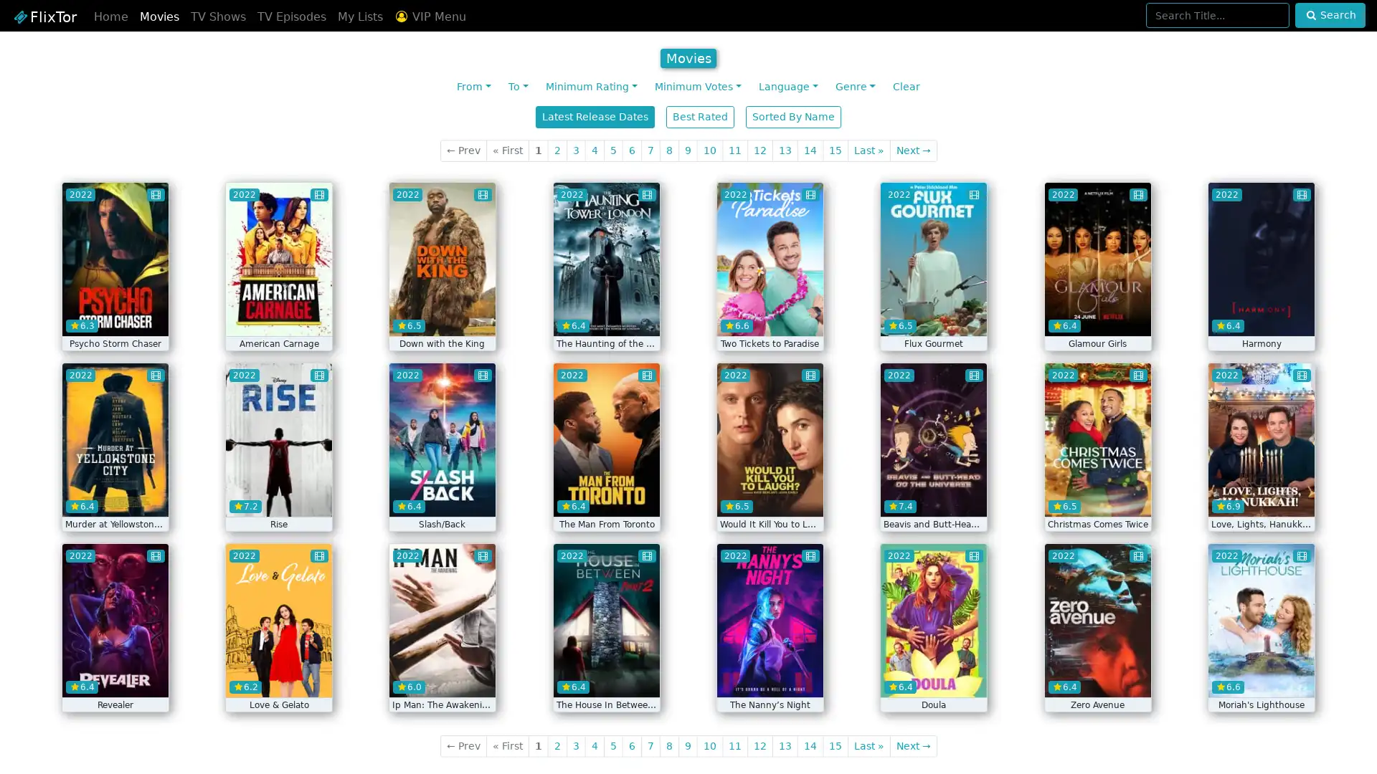 Image resolution: width=1377 pixels, height=774 pixels. Describe the element at coordinates (278, 677) in the screenshot. I see `Watch Now` at that location.